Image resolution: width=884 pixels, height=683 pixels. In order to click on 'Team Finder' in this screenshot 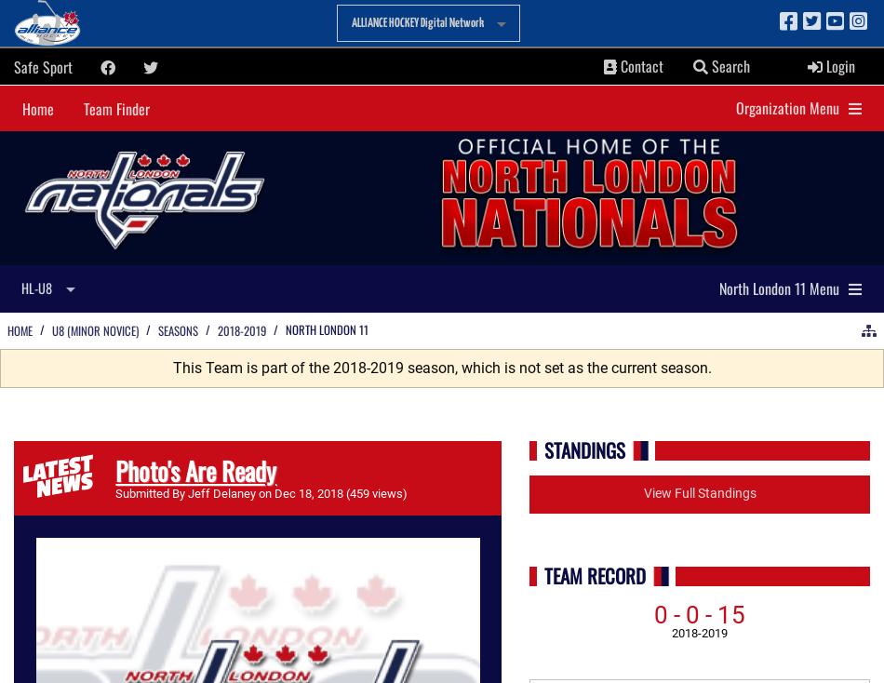, I will do `click(116, 107)`.